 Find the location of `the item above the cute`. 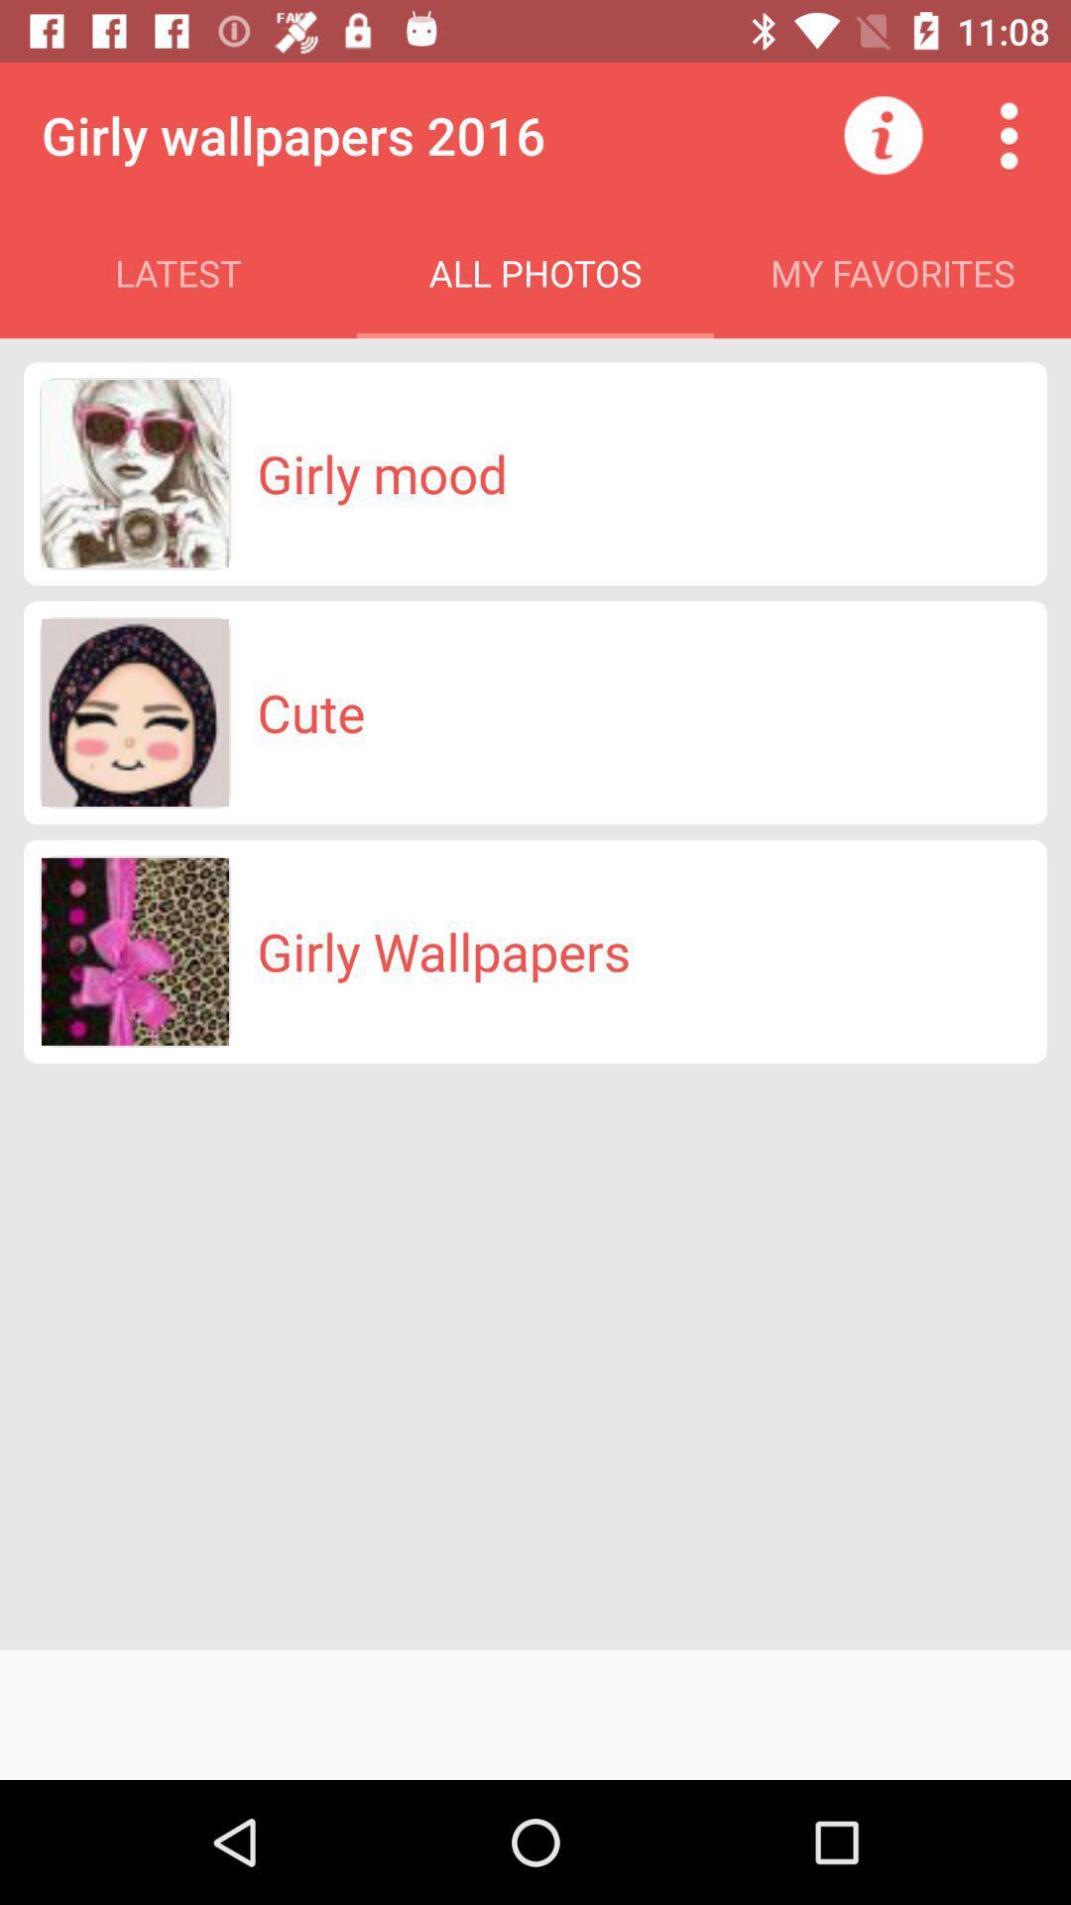

the item above the cute is located at coordinates (382, 472).